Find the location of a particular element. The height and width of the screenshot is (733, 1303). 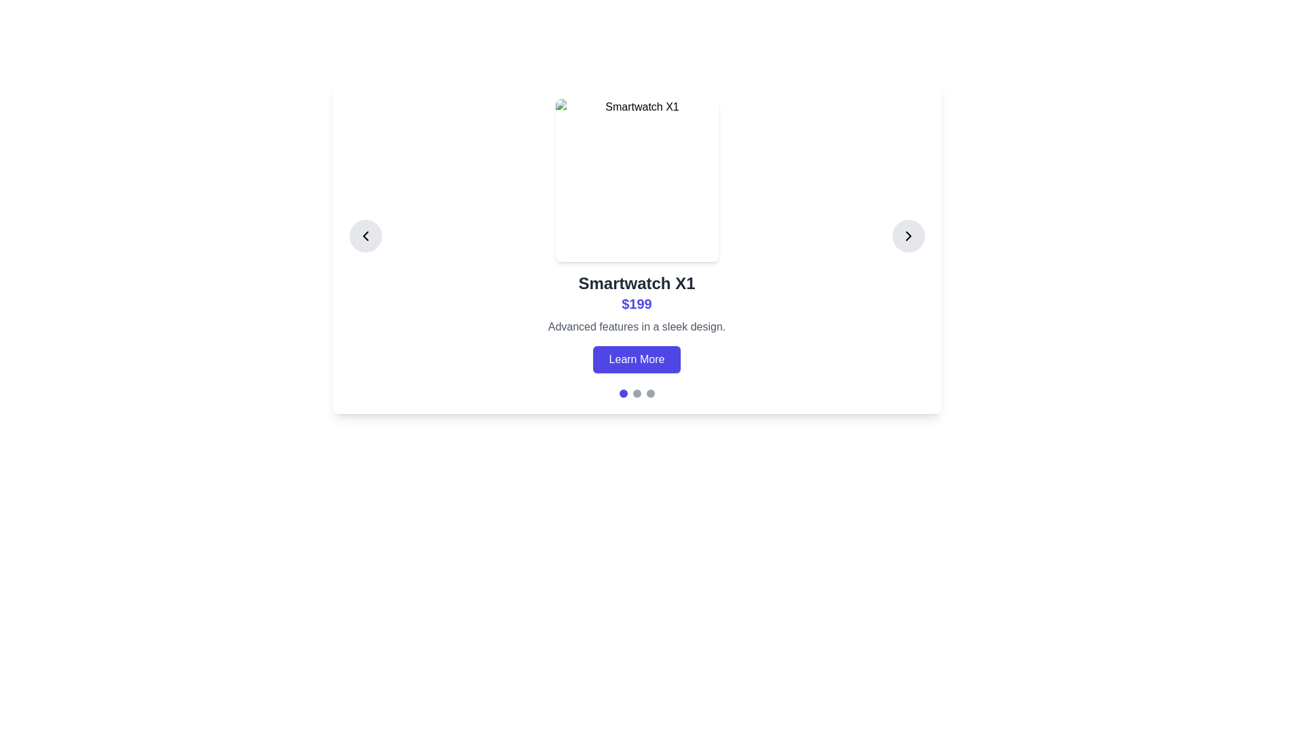

the 'Learn More' button, which is a rectangular button with white text on a deep indigo background, located below the product title 'Smartwatch X1' is located at coordinates (636, 358).